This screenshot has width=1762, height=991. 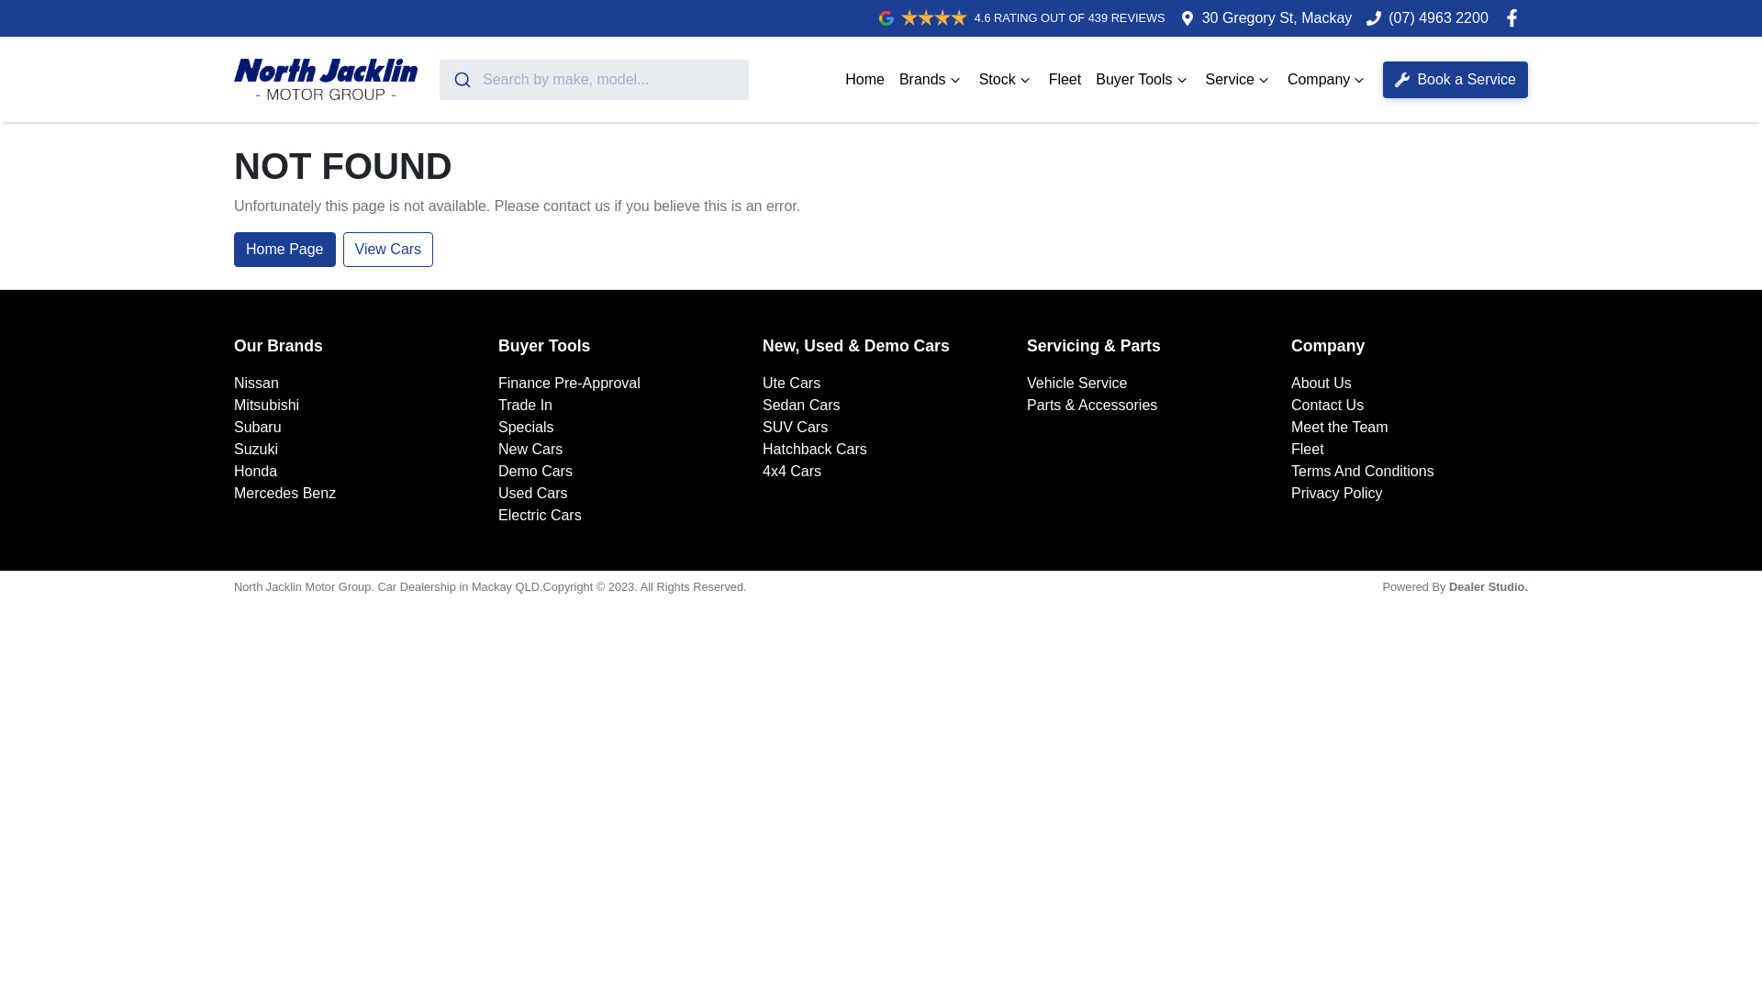 I want to click on 'Stock', so click(x=1006, y=77).